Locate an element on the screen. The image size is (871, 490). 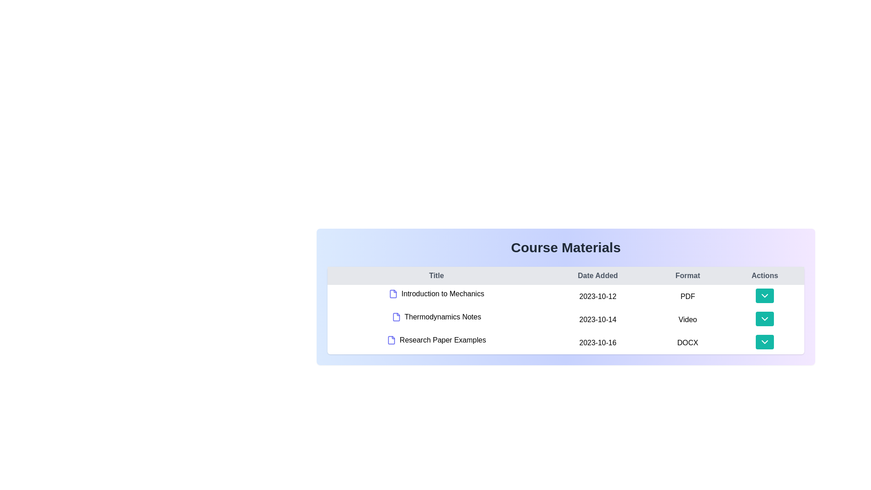
the light blue document icon located in the third row of the table next to 'Research Paper Examples' is located at coordinates (391, 340).